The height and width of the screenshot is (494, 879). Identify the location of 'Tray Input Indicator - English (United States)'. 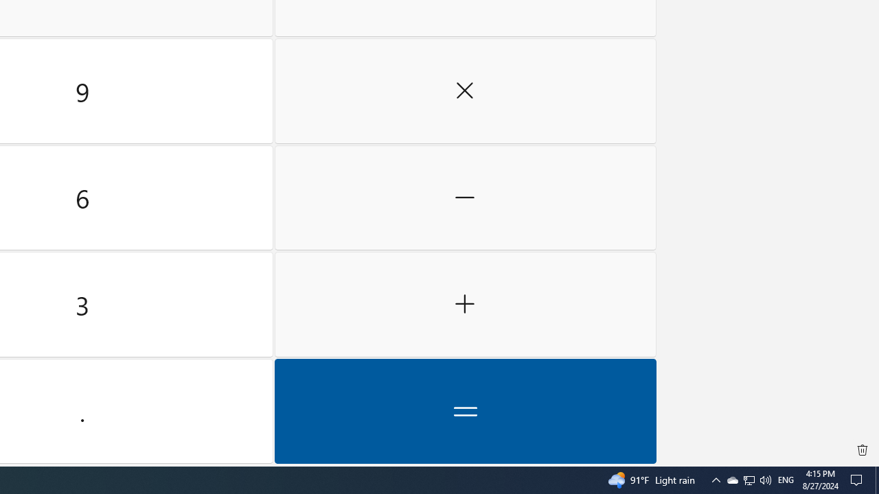
(764, 479).